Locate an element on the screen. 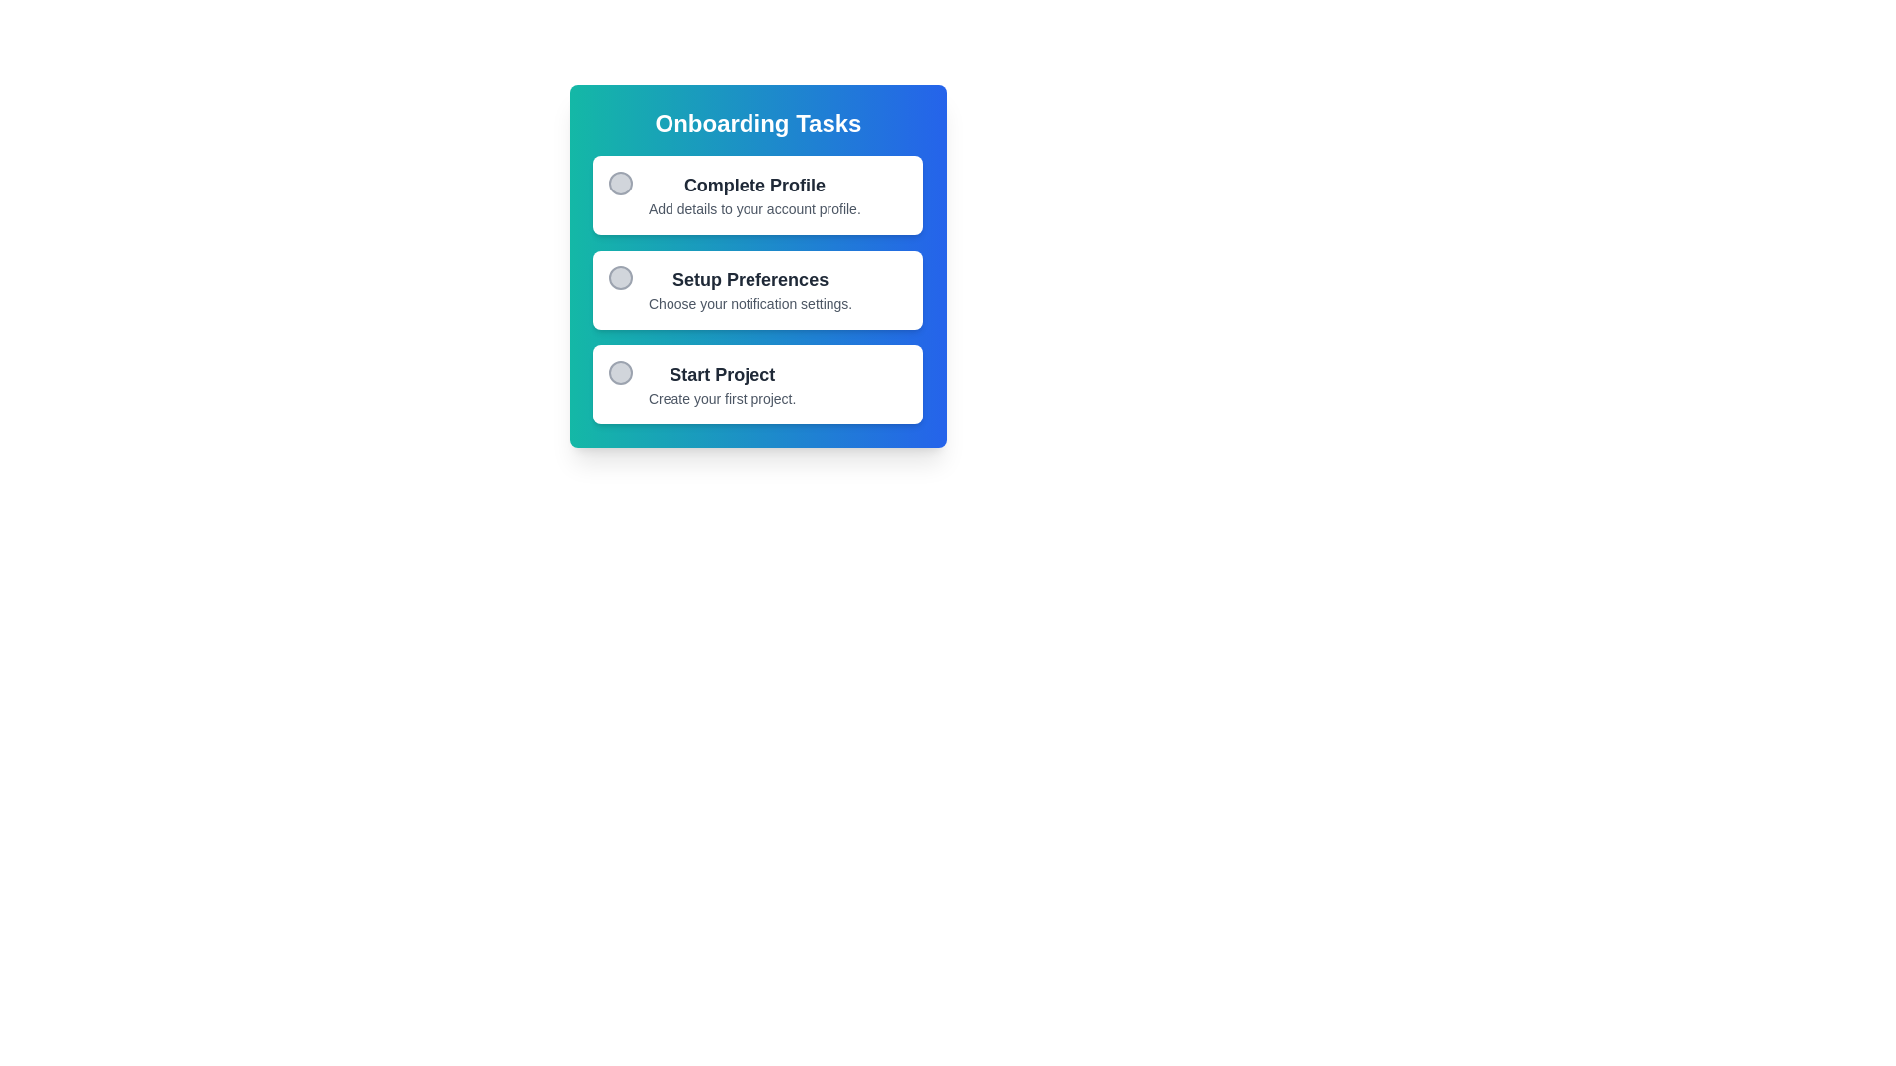 The width and height of the screenshot is (1896, 1066). descriptive text label located directly below the 'Complete Profile' text within the card-like section of the 'Onboarding Tasks' interface is located at coordinates (753, 209).